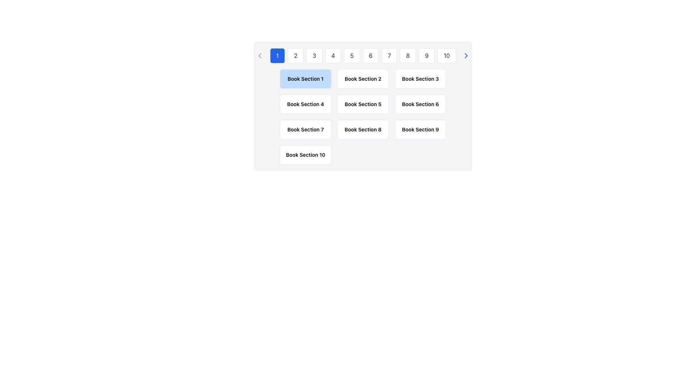  Describe the element at coordinates (306, 79) in the screenshot. I see `the 'Book Section 1' label/button, which serves as a category indicator in the top-left corner of the grid layout` at that location.